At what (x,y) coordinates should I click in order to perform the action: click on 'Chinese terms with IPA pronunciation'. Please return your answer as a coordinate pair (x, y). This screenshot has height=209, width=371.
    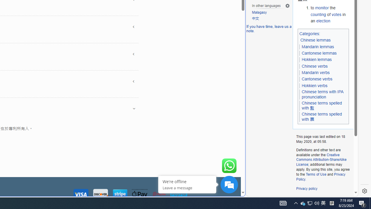
    Looking at the image, I should click on (323, 94).